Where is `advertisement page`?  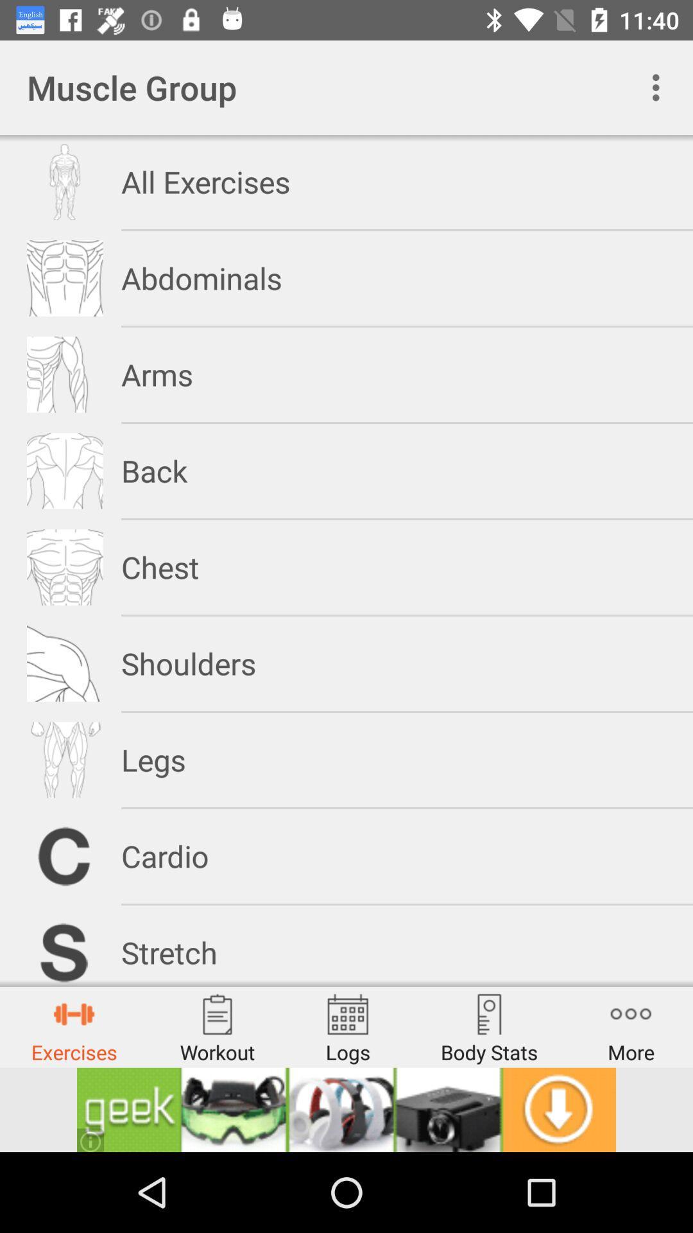 advertisement page is located at coordinates (346, 1109).